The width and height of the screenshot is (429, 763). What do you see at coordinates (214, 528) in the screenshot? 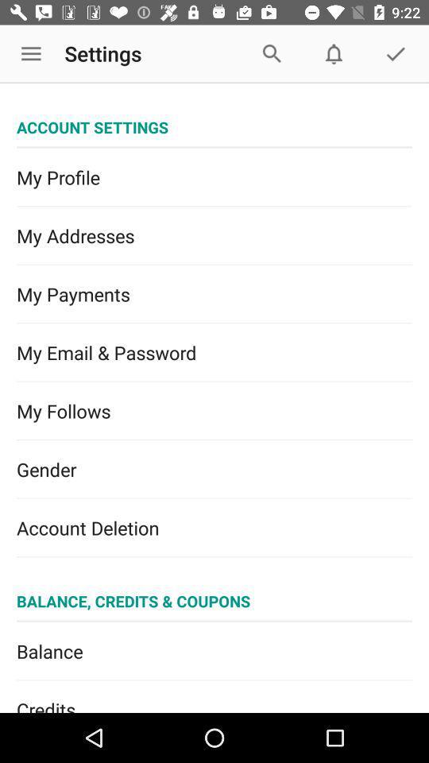
I see `the icon below the gender item` at bounding box center [214, 528].